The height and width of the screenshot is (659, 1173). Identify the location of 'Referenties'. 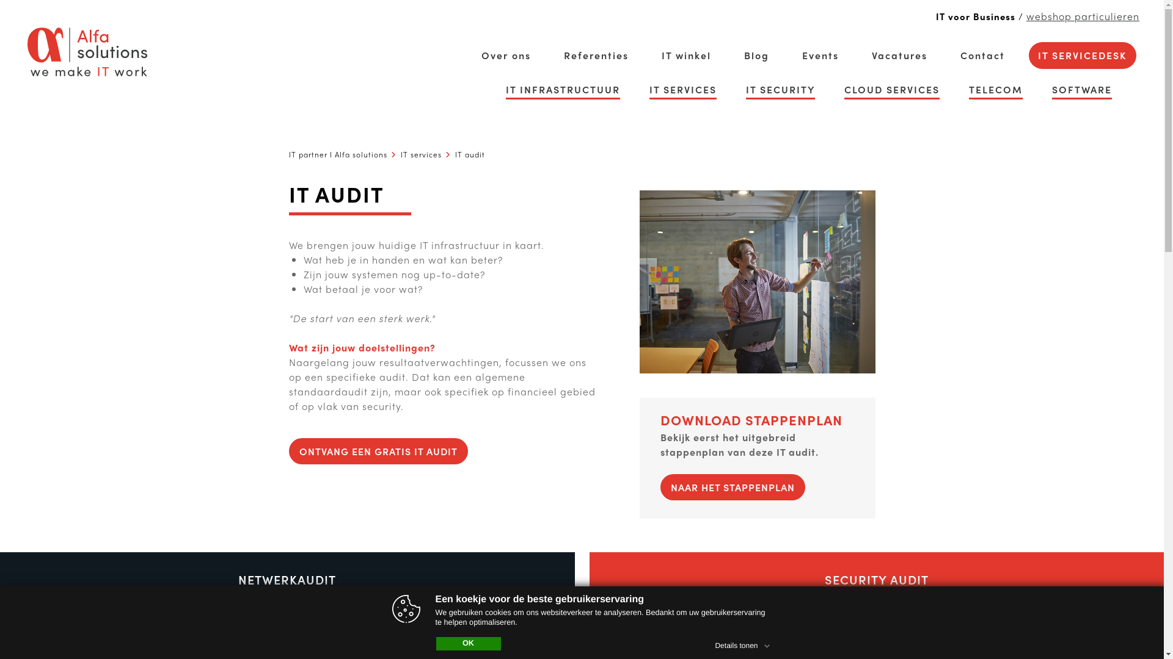
(596, 56).